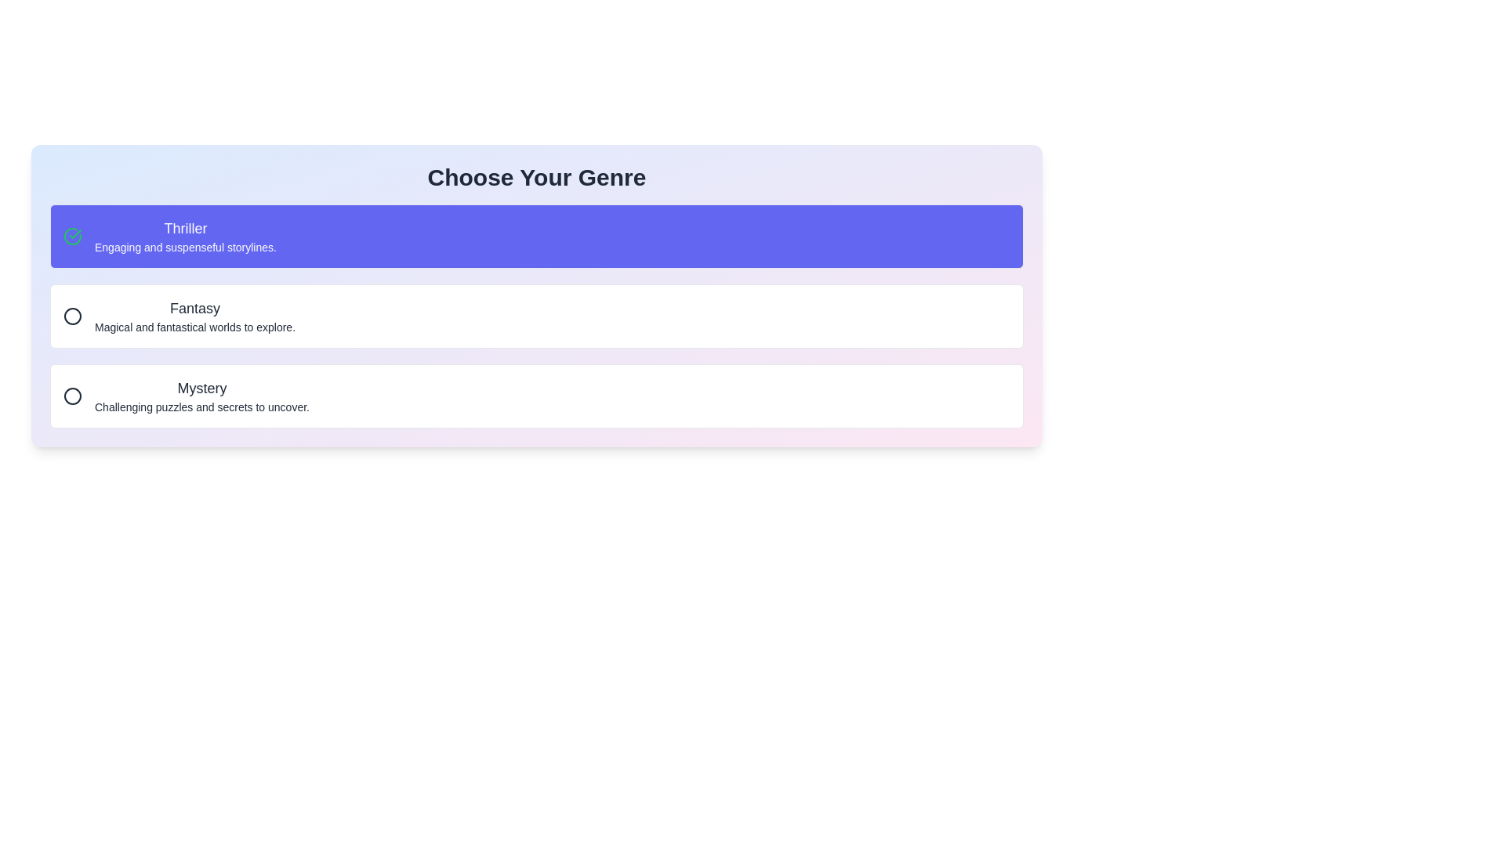 This screenshot has width=1505, height=846. What do you see at coordinates (194, 316) in the screenshot?
I see `to select the 'Fantasy' option, which is the second selectable genre in the list, featuring the word 'Fantasy' in bold above a description of magical worlds` at bounding box center [194, 316].